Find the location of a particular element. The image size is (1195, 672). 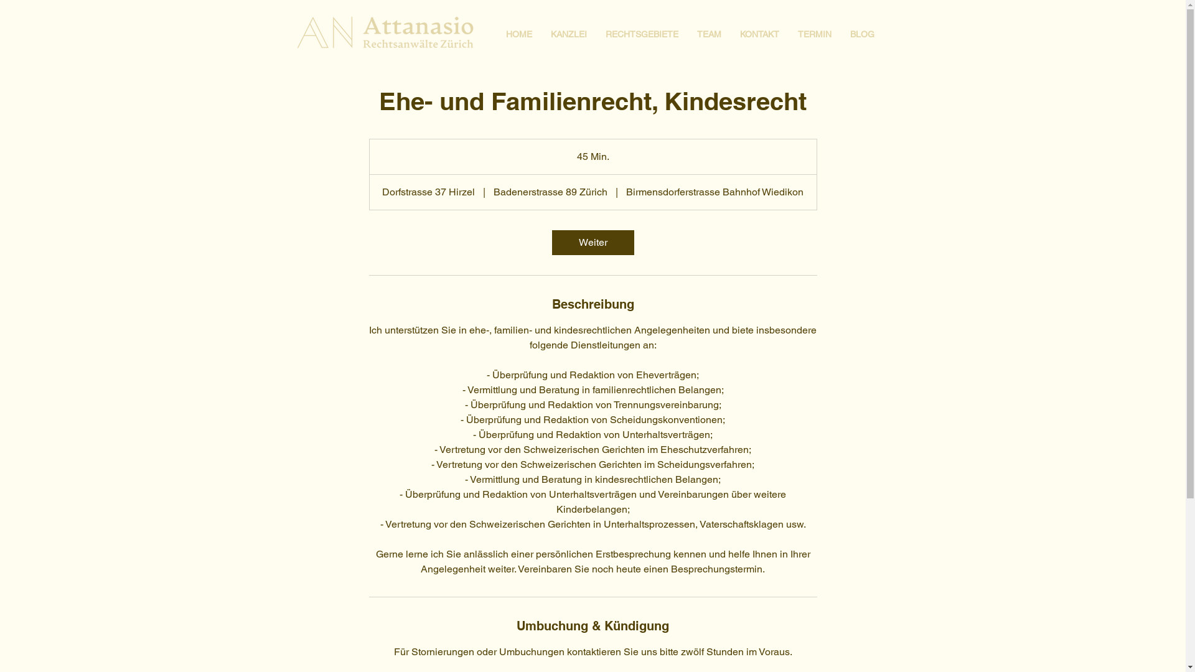

'HOME' is located at coordinates (519, 32).